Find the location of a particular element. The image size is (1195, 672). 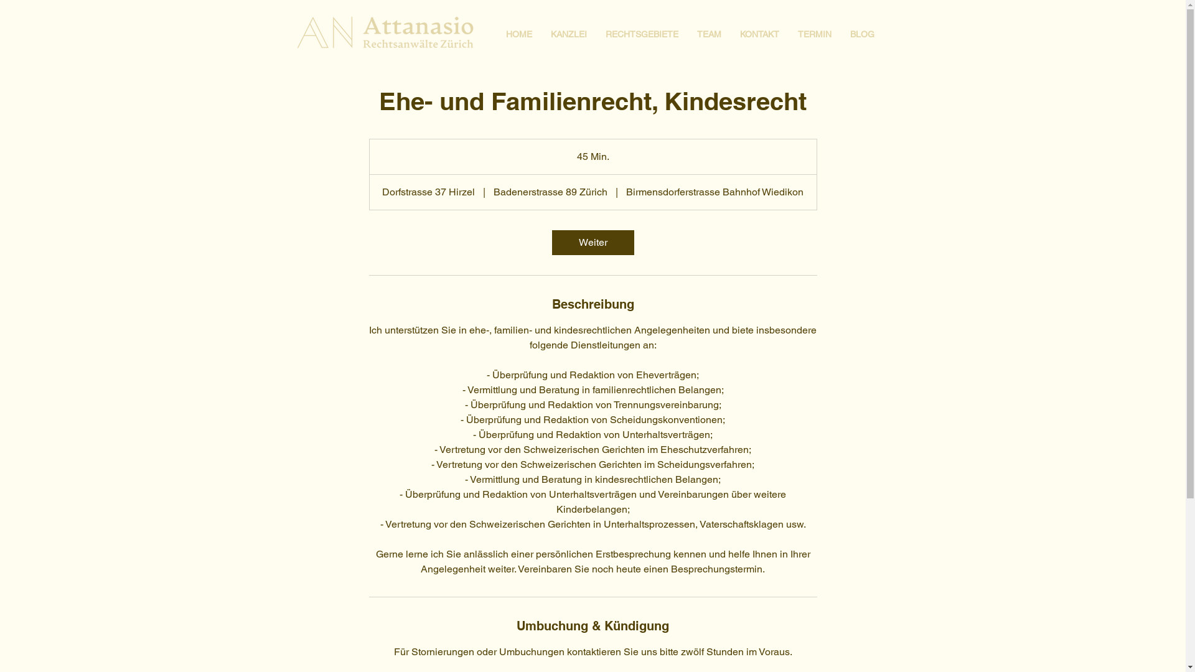

'HOME' is located at coordinates (519, 32).